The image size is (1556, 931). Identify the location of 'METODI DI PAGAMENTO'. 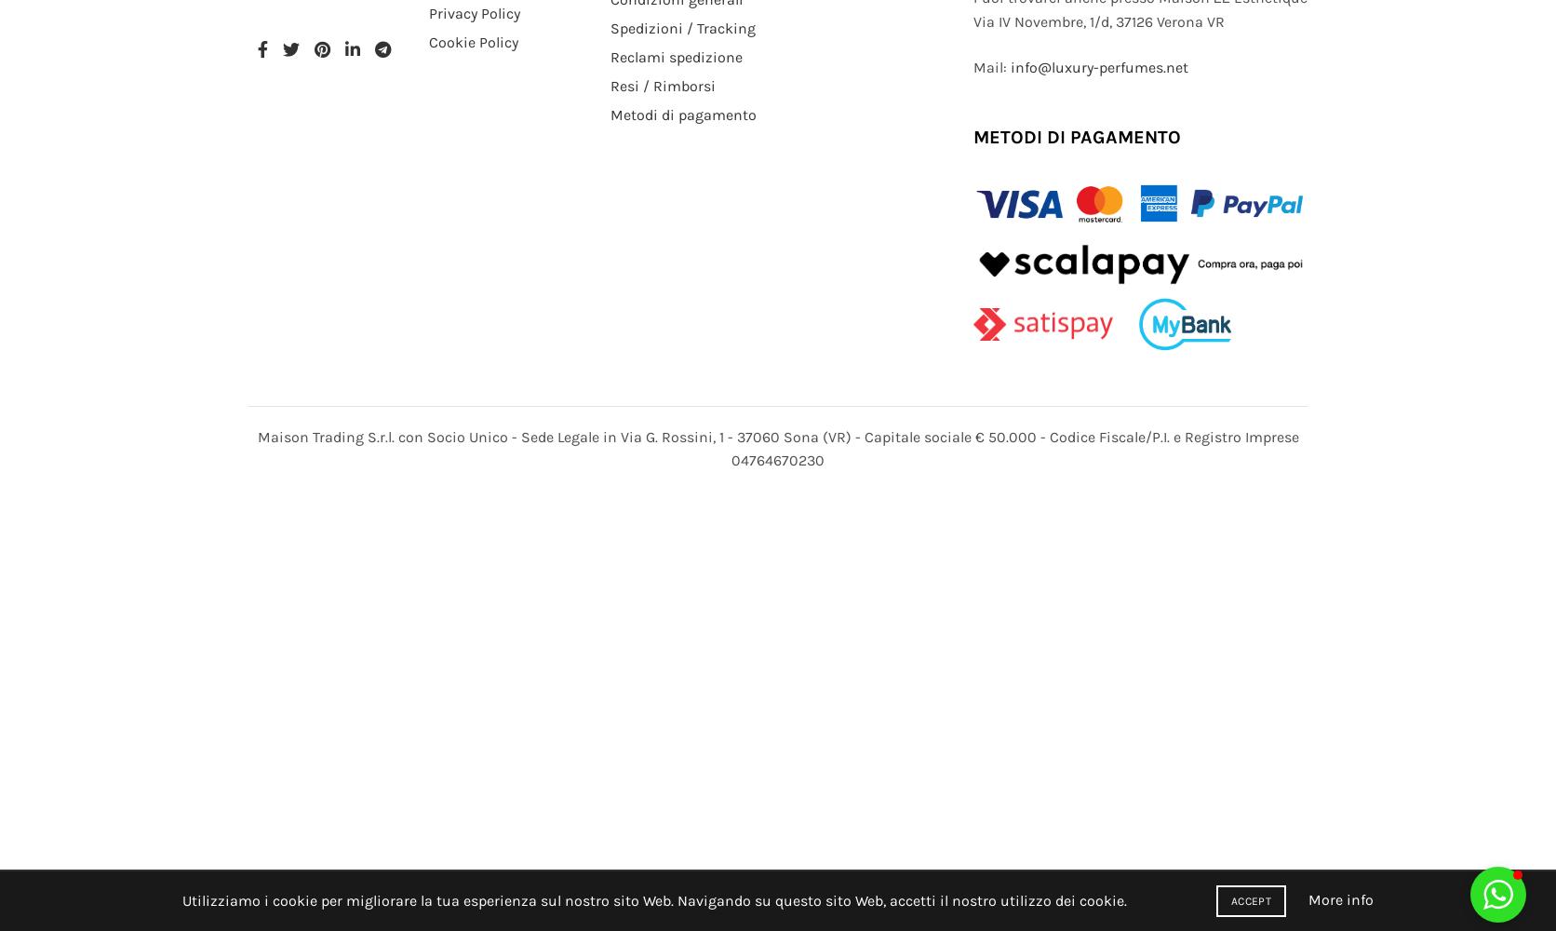
(1076, 137).